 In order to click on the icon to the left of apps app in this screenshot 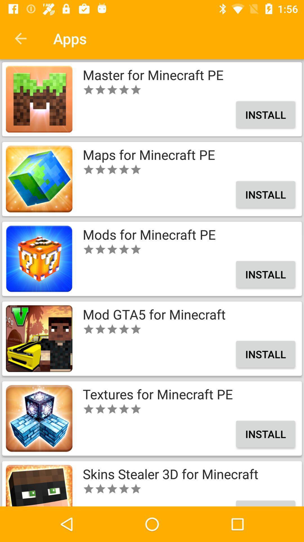, I will do `click(20, 38)`.